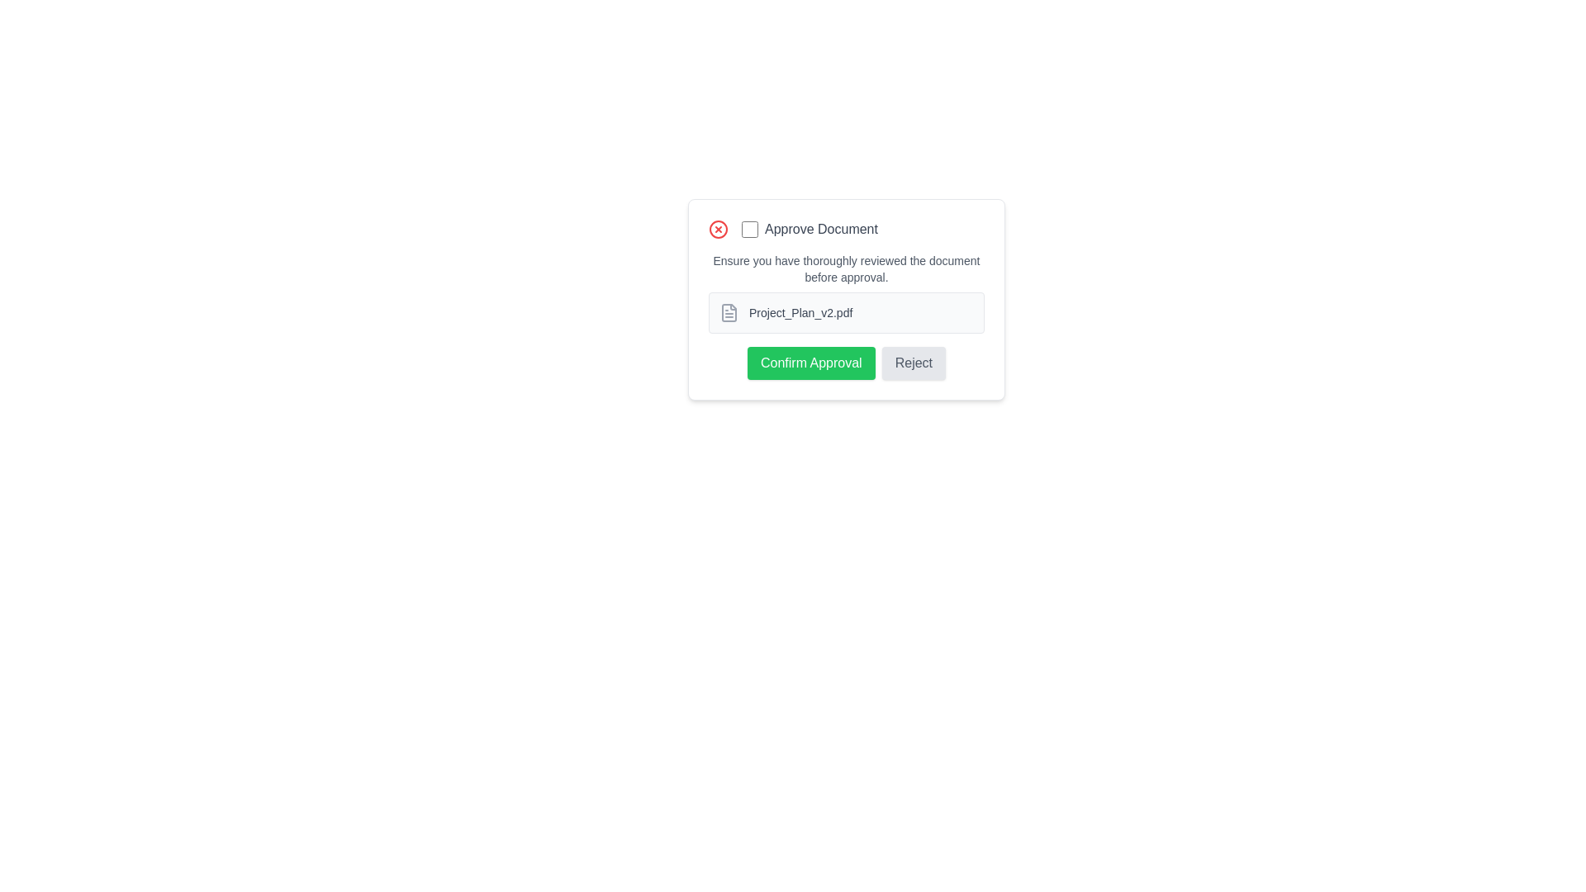  What do you see at coordinates (912, 362) in the screenshot?
I see `the rectangular 'Reject' button with dark gray text and light gray background` at bounding box center [912, 362].